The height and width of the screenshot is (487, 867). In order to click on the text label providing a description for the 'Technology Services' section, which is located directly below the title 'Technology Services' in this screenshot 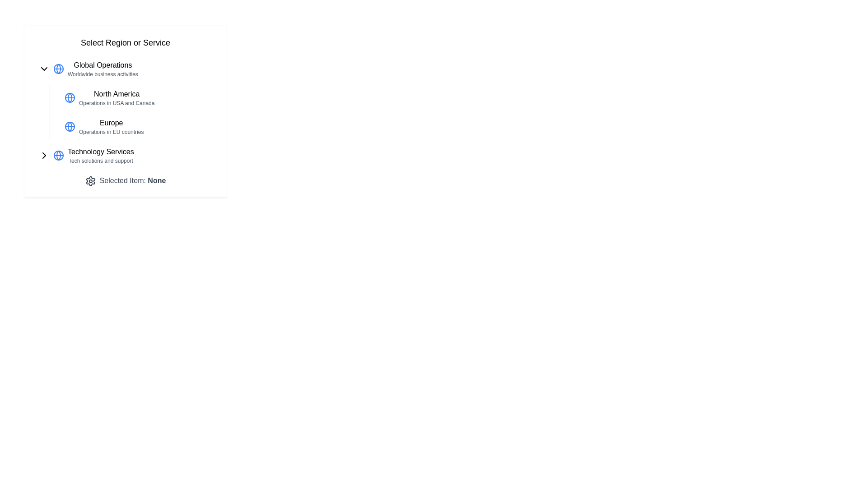, I will do `click(101, 161)`.